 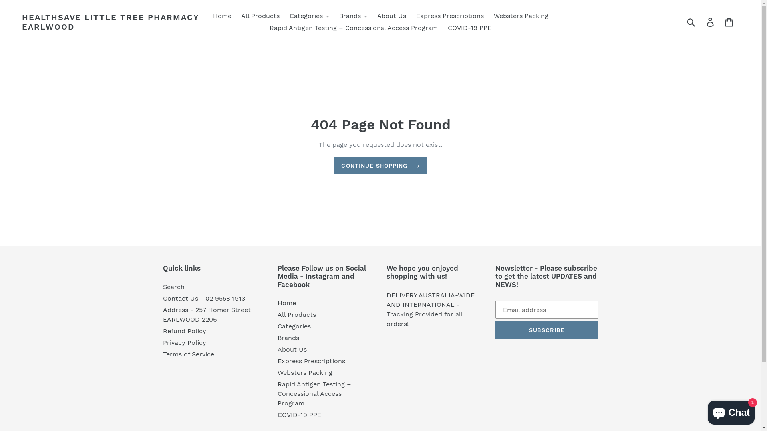 What do you see at coordinates (380, 165) in the screenshot?
I see `'CONTINUE SHOPPING'` at bounding box center [380, 165].